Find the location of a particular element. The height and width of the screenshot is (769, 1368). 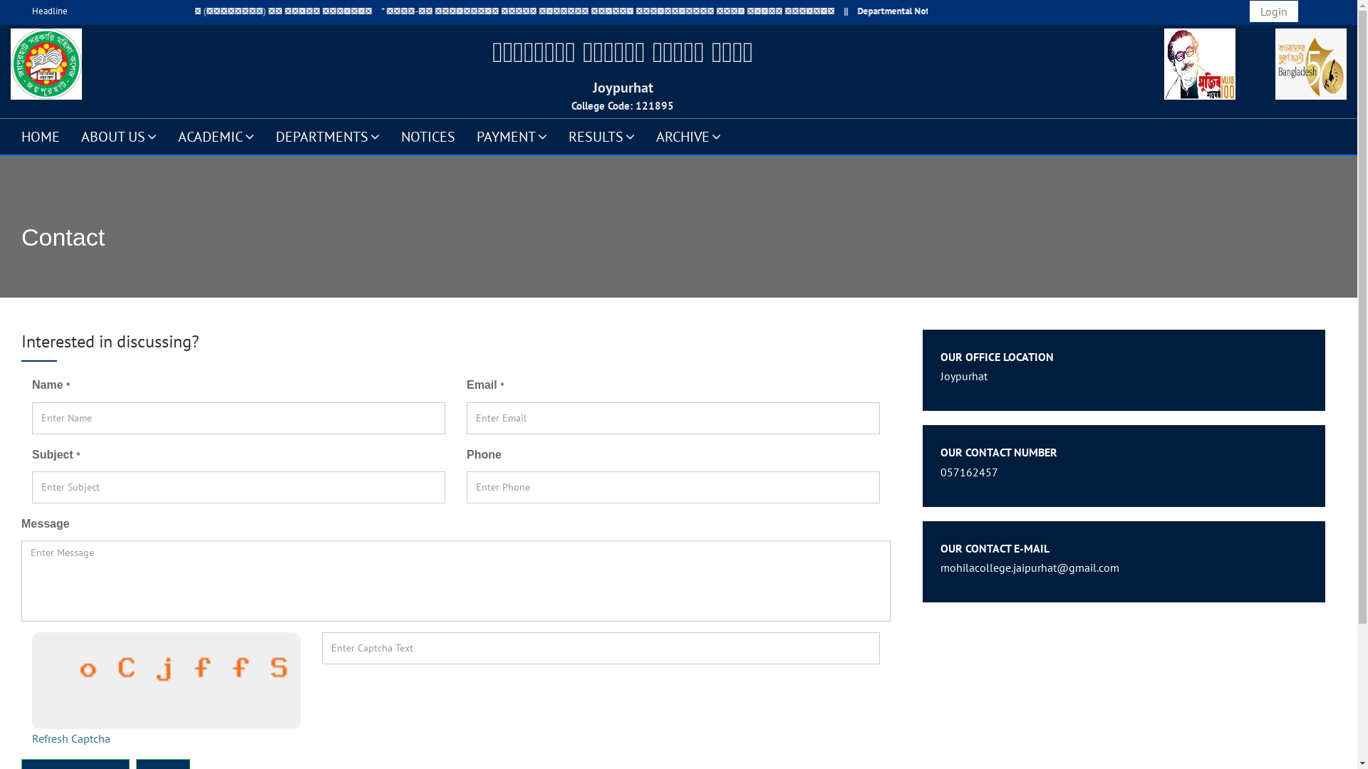

'HOME' is located at coordinates (41, 136).